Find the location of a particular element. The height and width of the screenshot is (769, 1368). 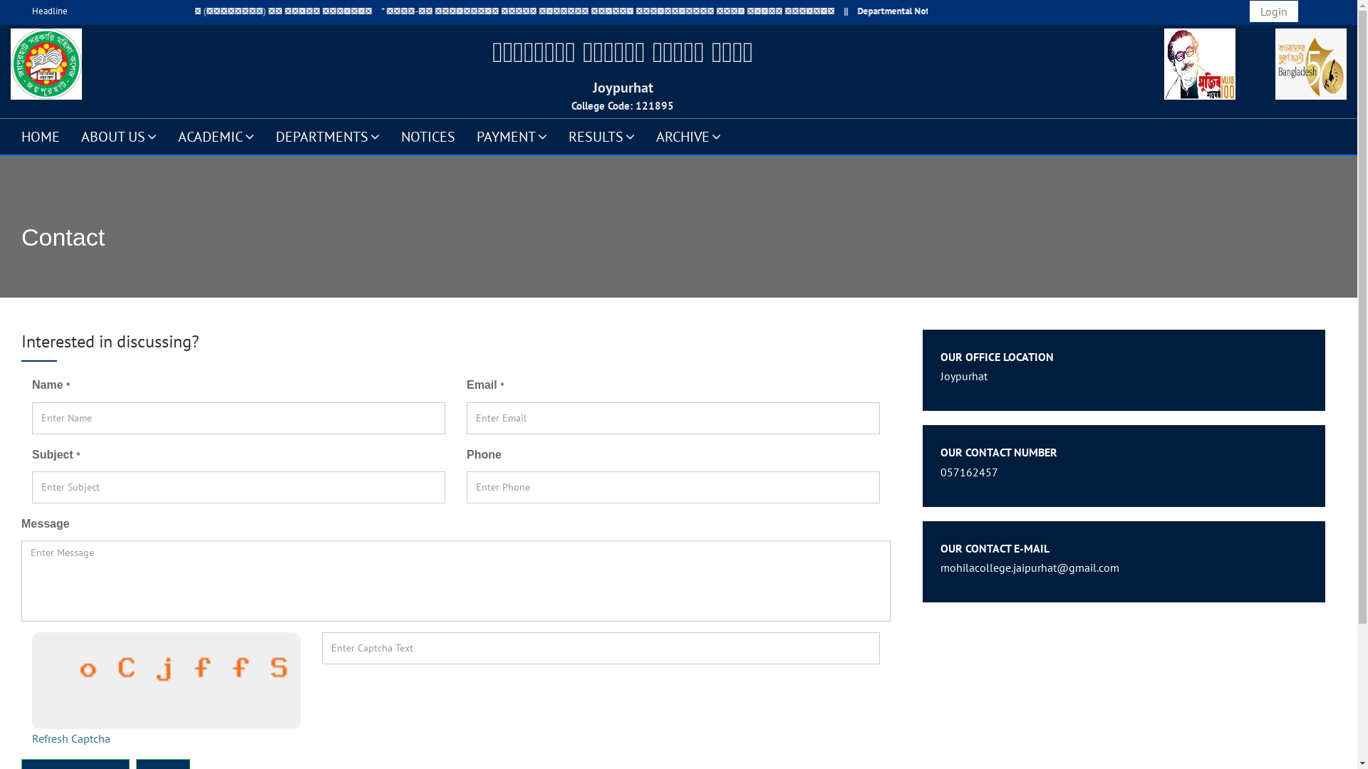

'HOME' is located at coordinates (41, 136).